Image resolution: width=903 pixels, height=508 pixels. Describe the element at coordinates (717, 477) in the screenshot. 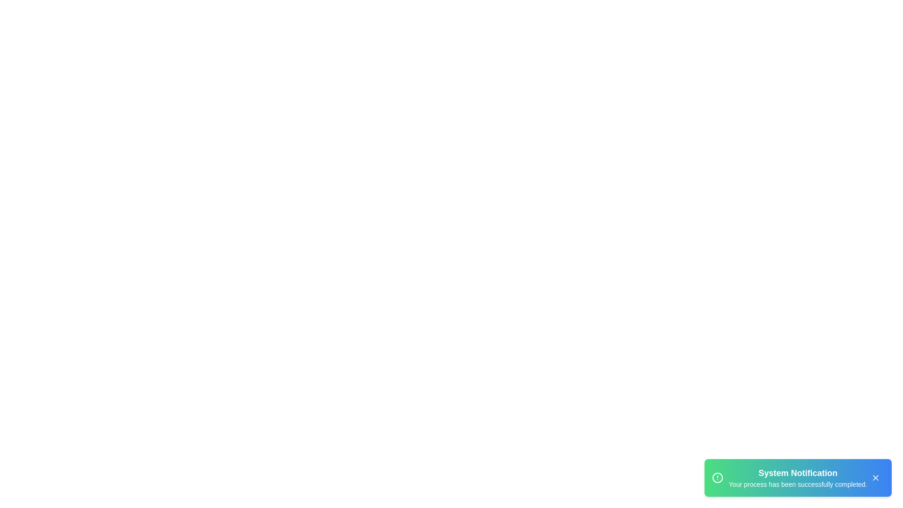

I see `the alert icon to display additional context` at that location.